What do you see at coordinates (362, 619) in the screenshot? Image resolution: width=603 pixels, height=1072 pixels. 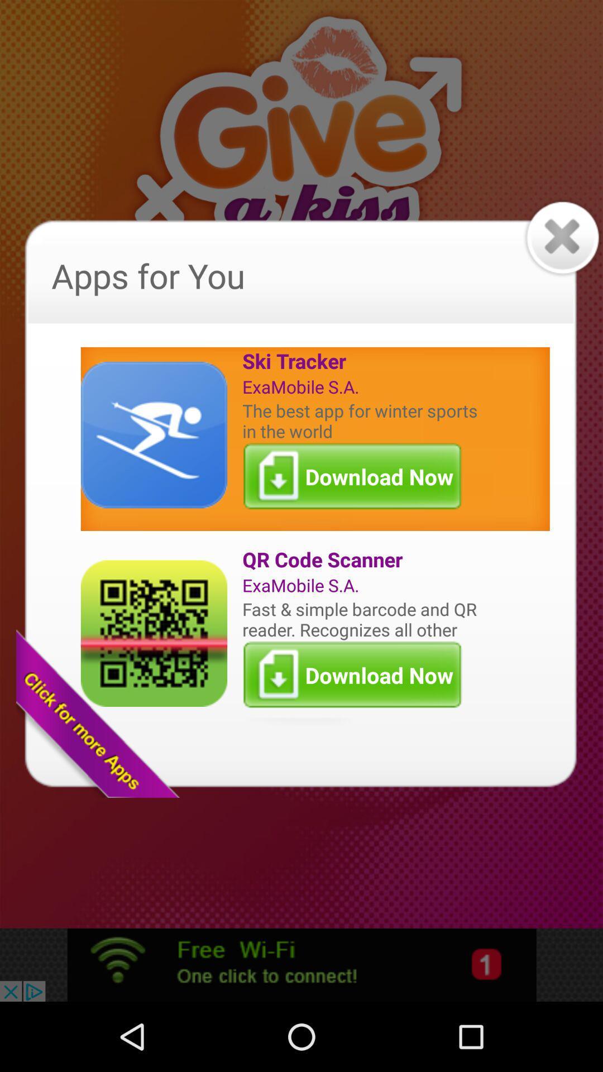 I see `the fast simple barcode` at bounding box center [362, 619].